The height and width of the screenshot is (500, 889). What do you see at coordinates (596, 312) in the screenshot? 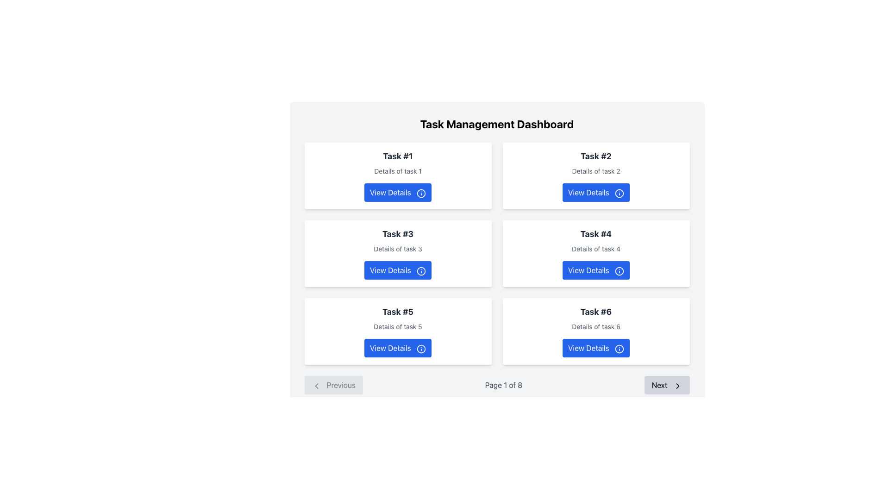
I see `the title text 'Task #6' which is styled in bold and dark gray, located at the top of a white card in the second column of the third row in a grid layout` at bounding box center [596, 312].